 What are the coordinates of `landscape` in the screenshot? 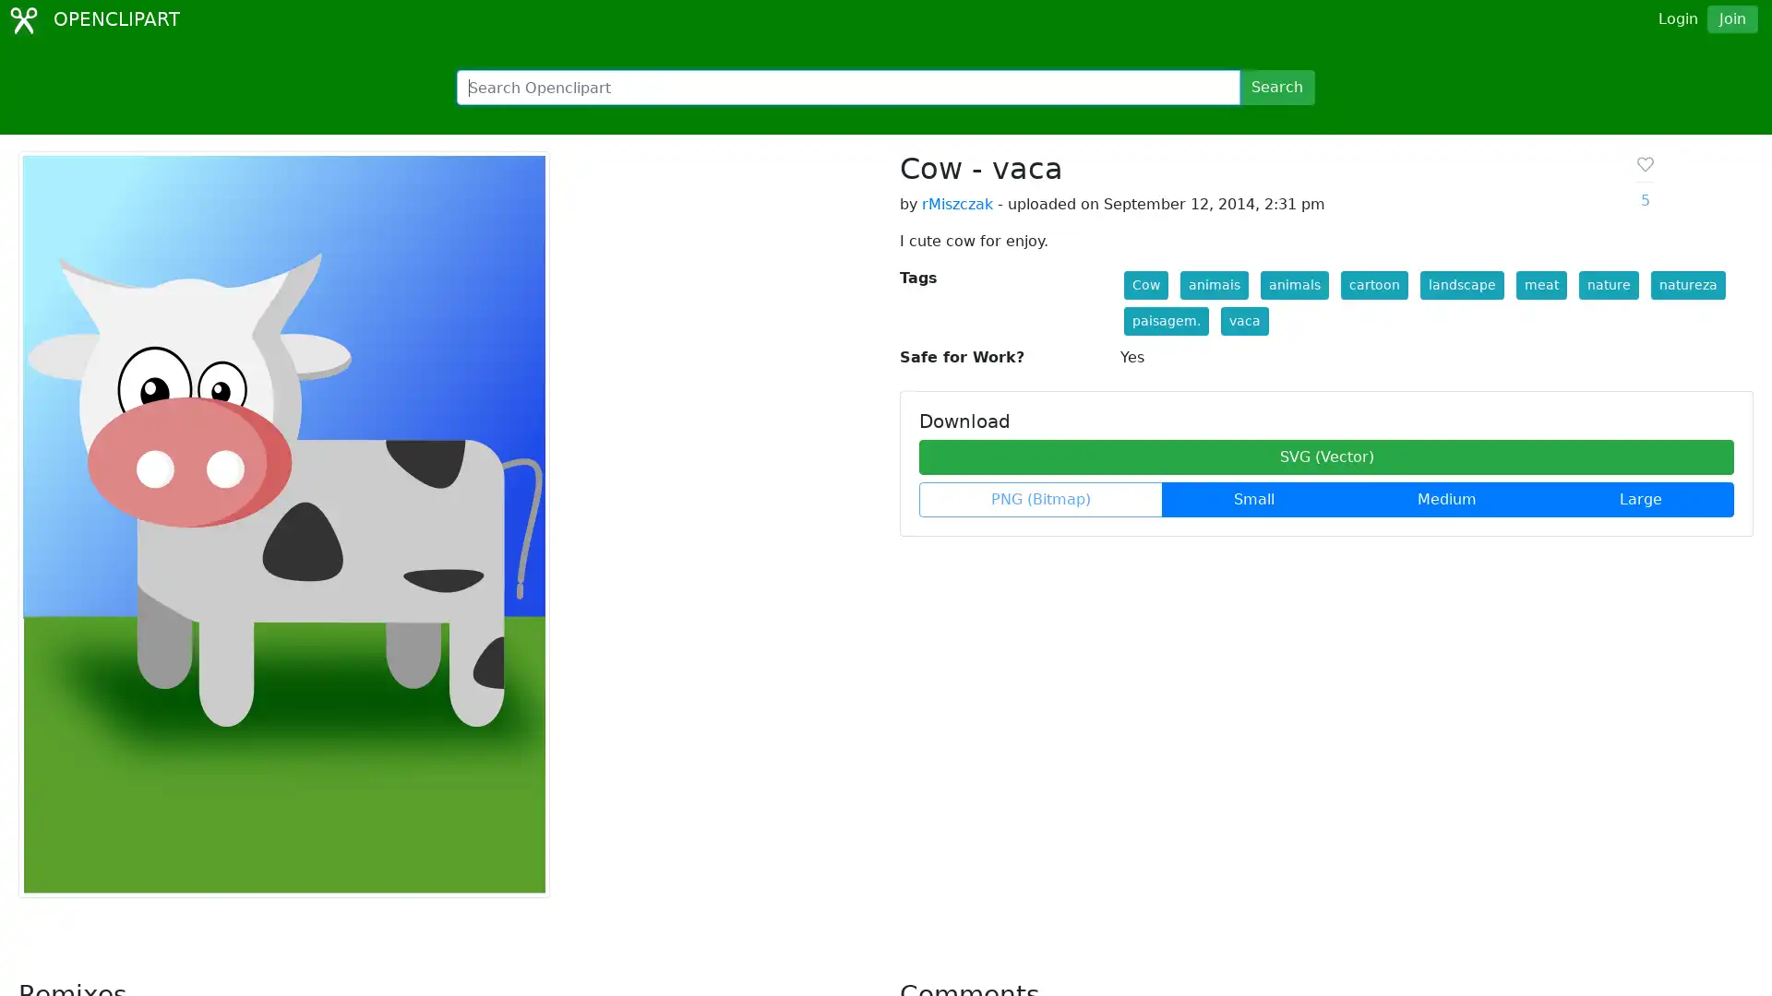 It's located at (1460, 285).